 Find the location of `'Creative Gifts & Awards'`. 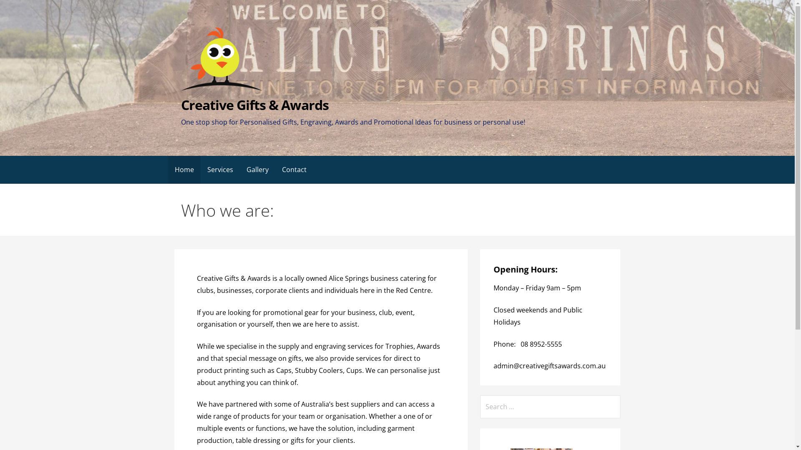

'Creative Gifts & Awards' is located at coordinates (254, 104).